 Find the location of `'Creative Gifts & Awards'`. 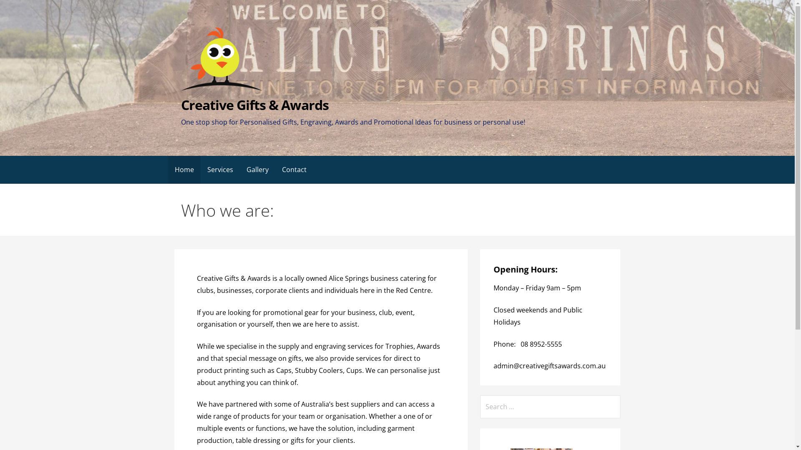

'Creative Gifts & Awards' is located at coordinates (254, 104).